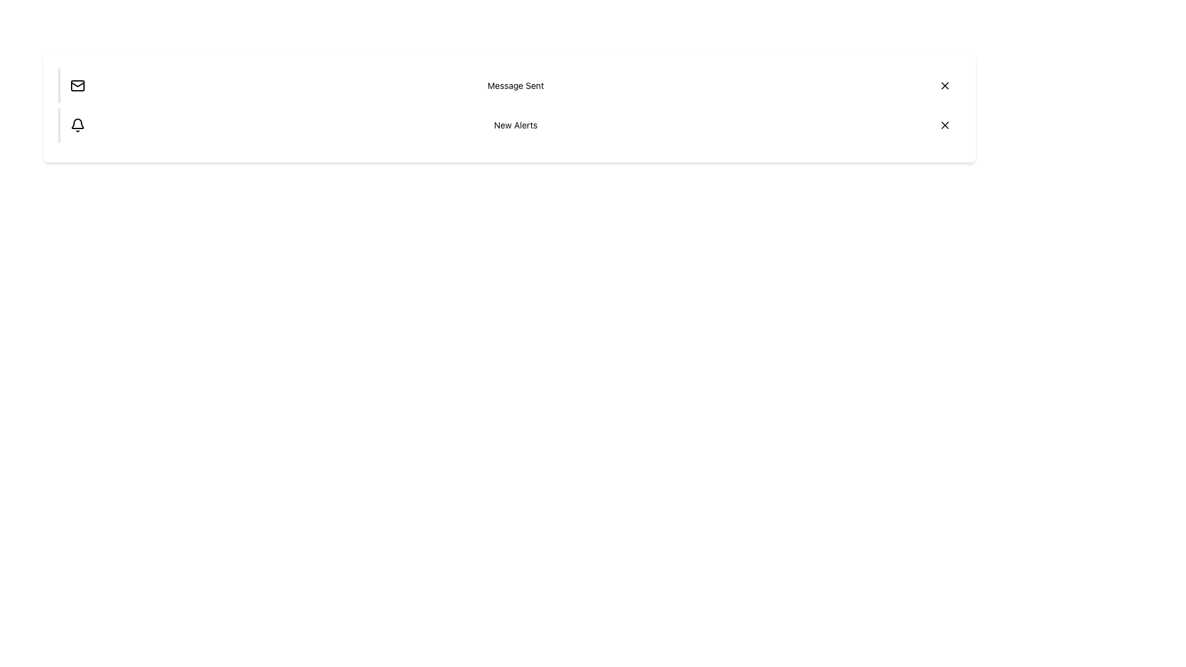 This screenshot has height=667, width=1186. What do you see at coordinates (944, 85) in the screenshot?
I see `the close button located at the far-right corner of the notification element containing the text 'Message Sent'` at bounding box center [944, 85].